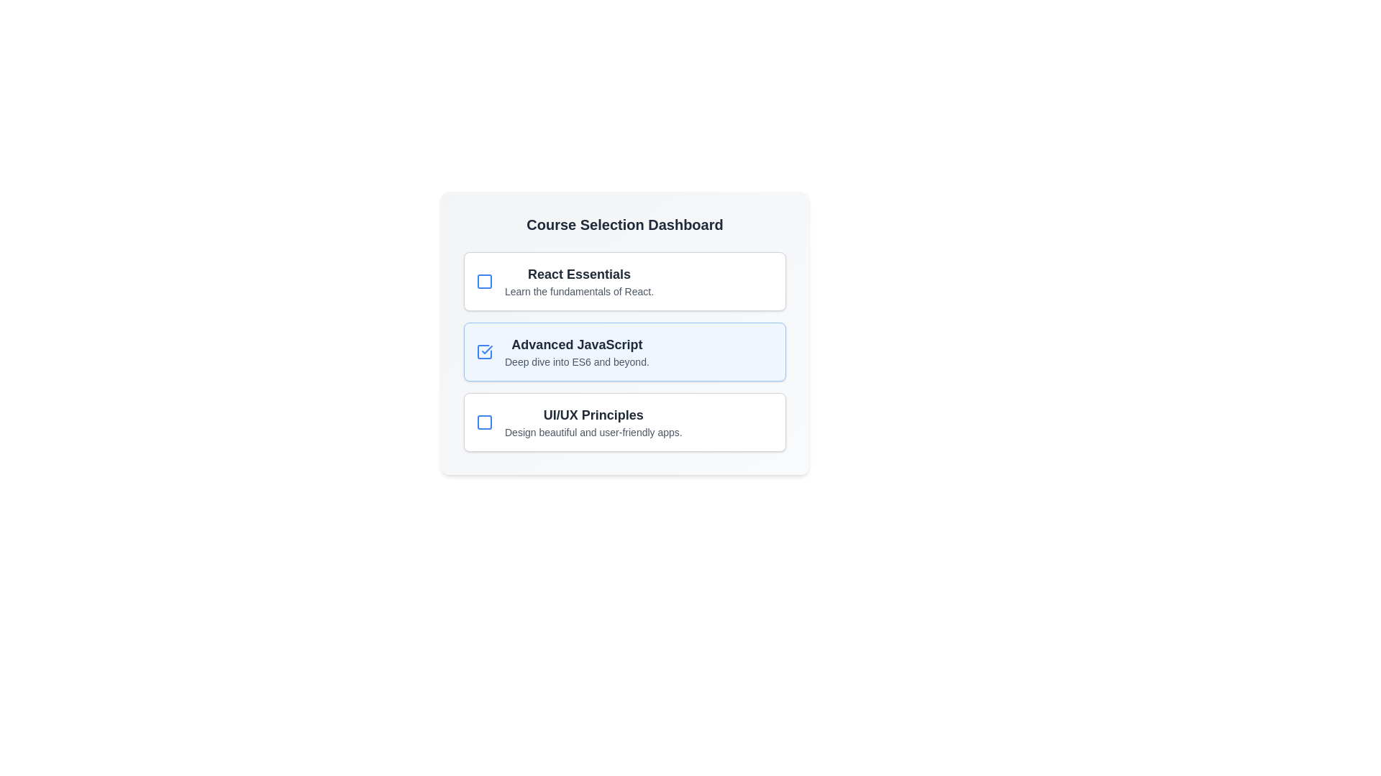 The image size is (1381, 776). I want to click on the text block containing 'React Essentials' and its description, which is the first item in the course options list, so click(579, 282).